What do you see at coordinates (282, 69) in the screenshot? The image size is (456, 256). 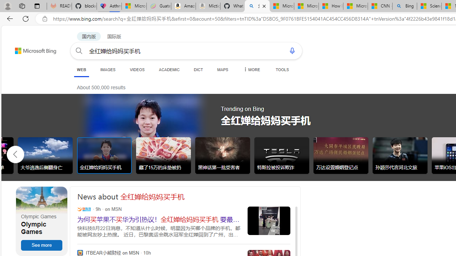 I see `'TOOLS'` at bounding box center [282, 69].